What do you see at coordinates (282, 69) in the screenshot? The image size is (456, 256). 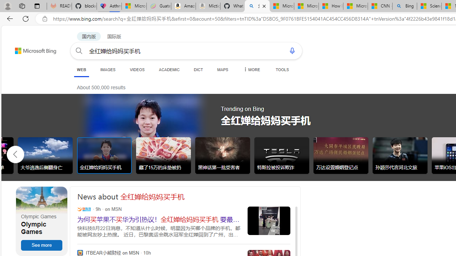 I see `'TOOLS'` at bounding box center [282, 69].